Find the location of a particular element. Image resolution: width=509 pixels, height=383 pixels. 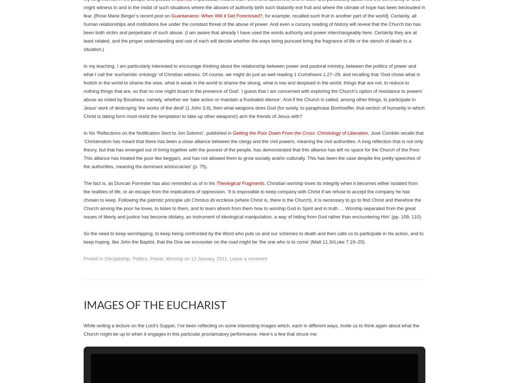

'an opportunity for the Lord’s grace to enter and do the rest.' is located at coordinates (105, 11).